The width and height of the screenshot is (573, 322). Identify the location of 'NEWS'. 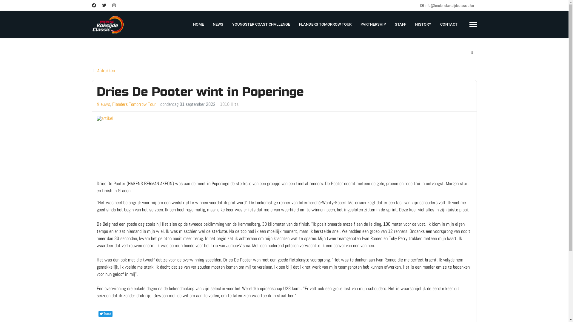
(218, 24).